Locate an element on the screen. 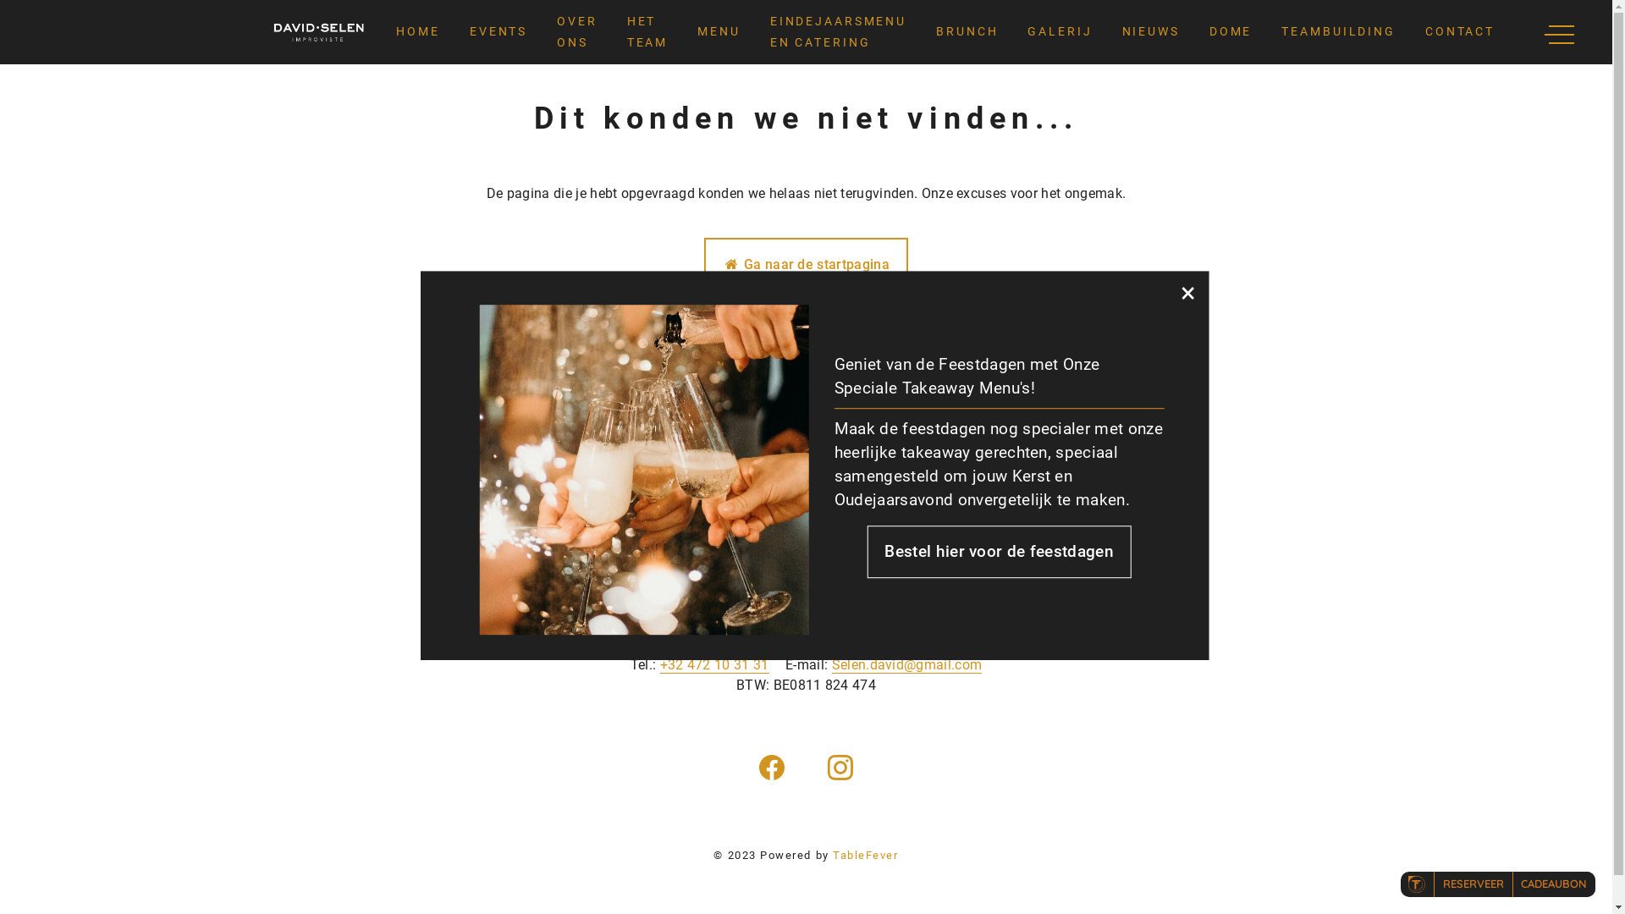 This screenshot has height=914, width=1625. 'TableFever' is located at coordinates (865, 855).